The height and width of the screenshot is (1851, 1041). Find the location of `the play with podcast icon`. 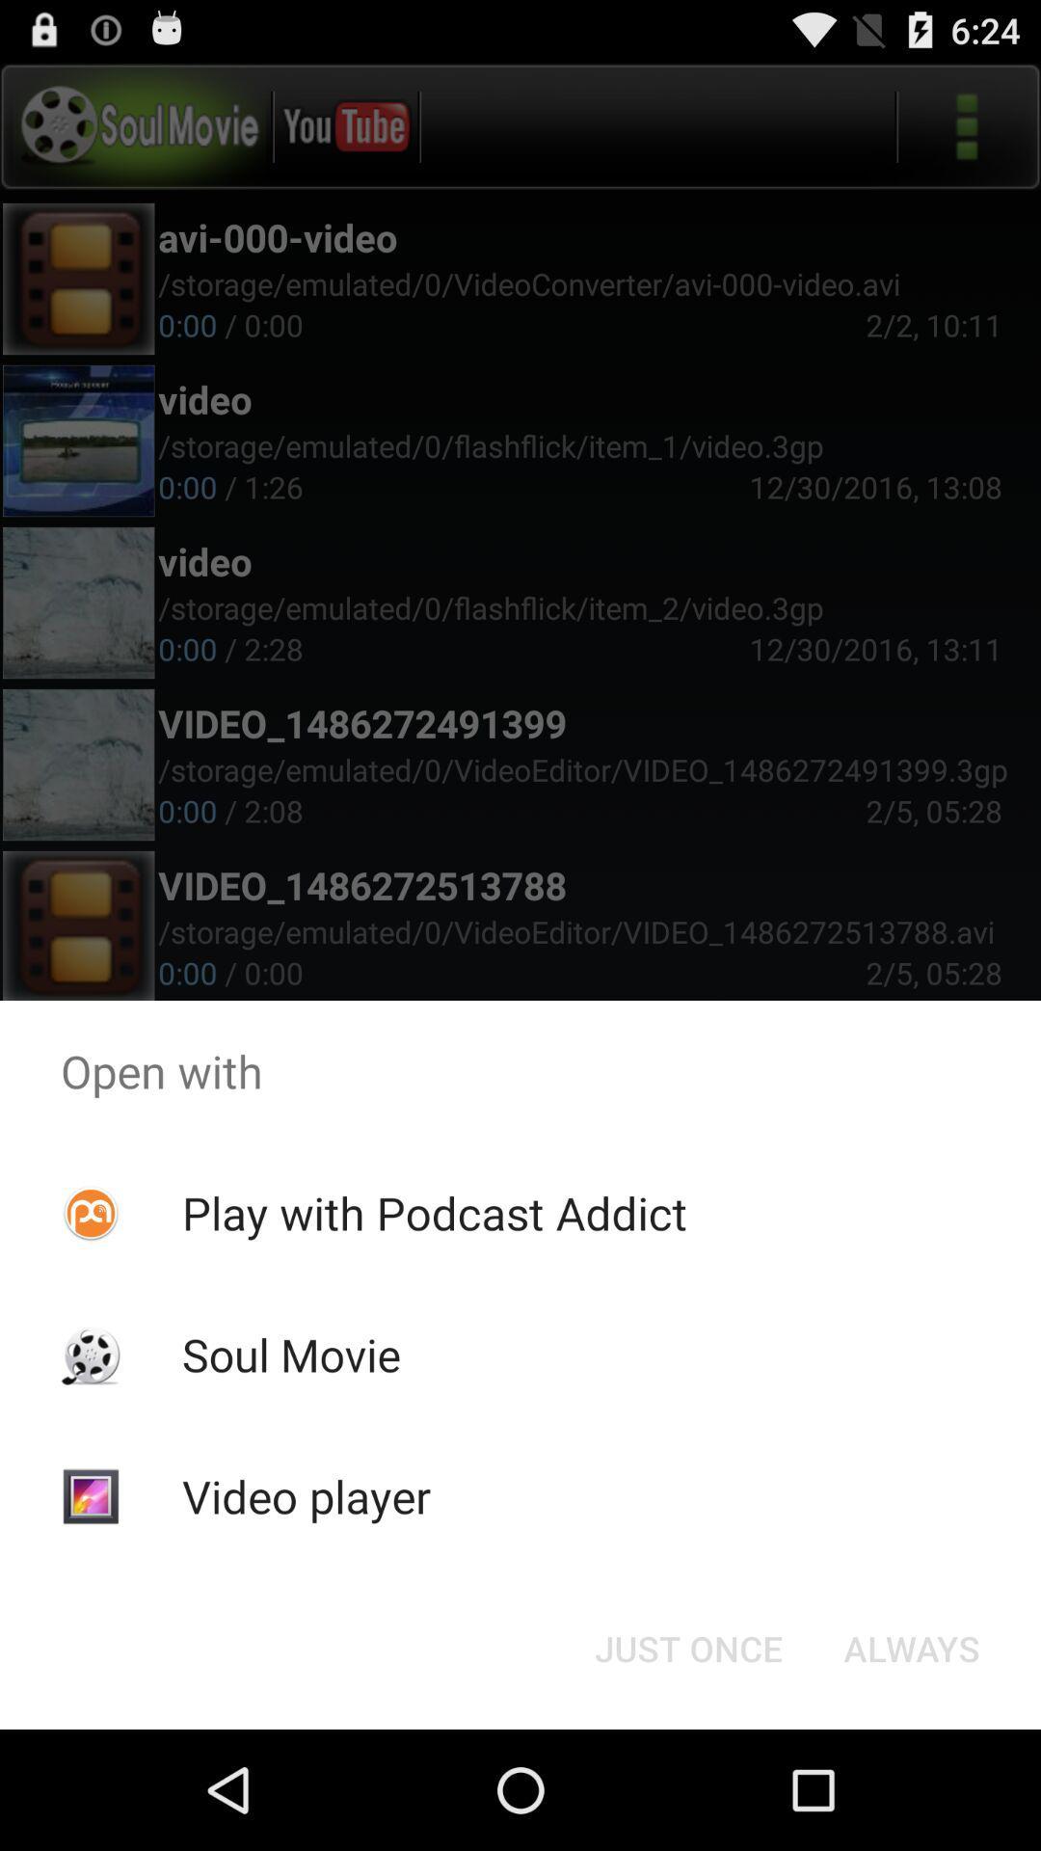

the play with podcast icon is located at coordinates (435, 1212).